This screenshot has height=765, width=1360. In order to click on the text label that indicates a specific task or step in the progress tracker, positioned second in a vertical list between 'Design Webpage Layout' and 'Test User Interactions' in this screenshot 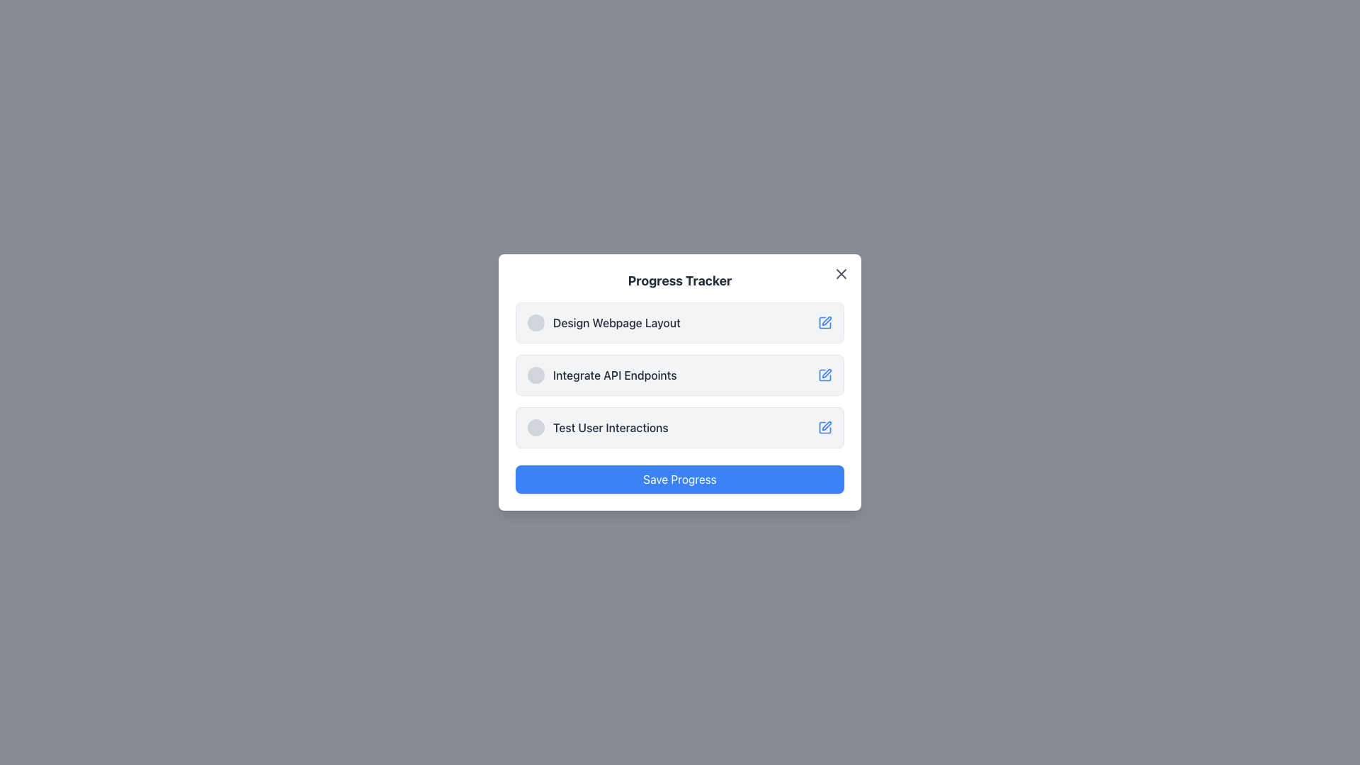, I will do `click(615, 374)`.